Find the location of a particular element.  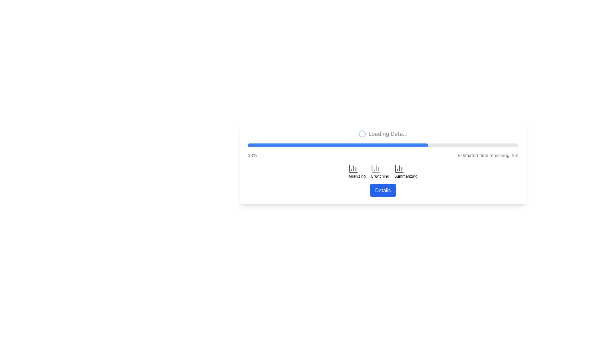

the dark gray bar chart icon located above the 'Summarizing' label for interaction is located at coordinates (399, 168).